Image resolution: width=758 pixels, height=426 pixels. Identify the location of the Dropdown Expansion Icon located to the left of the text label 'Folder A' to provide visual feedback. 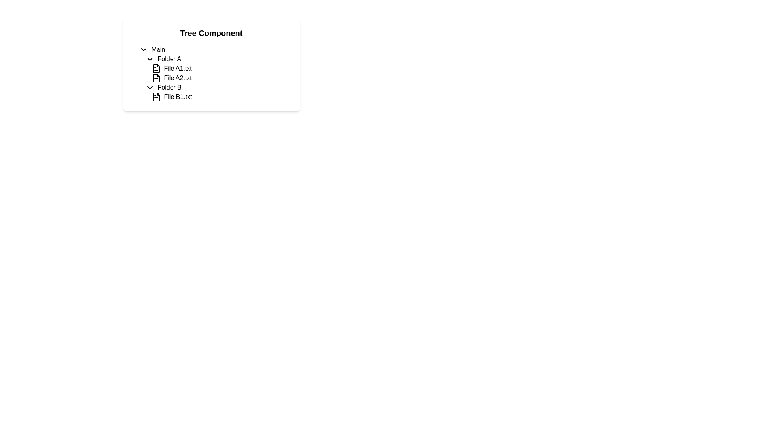
(150, 59).